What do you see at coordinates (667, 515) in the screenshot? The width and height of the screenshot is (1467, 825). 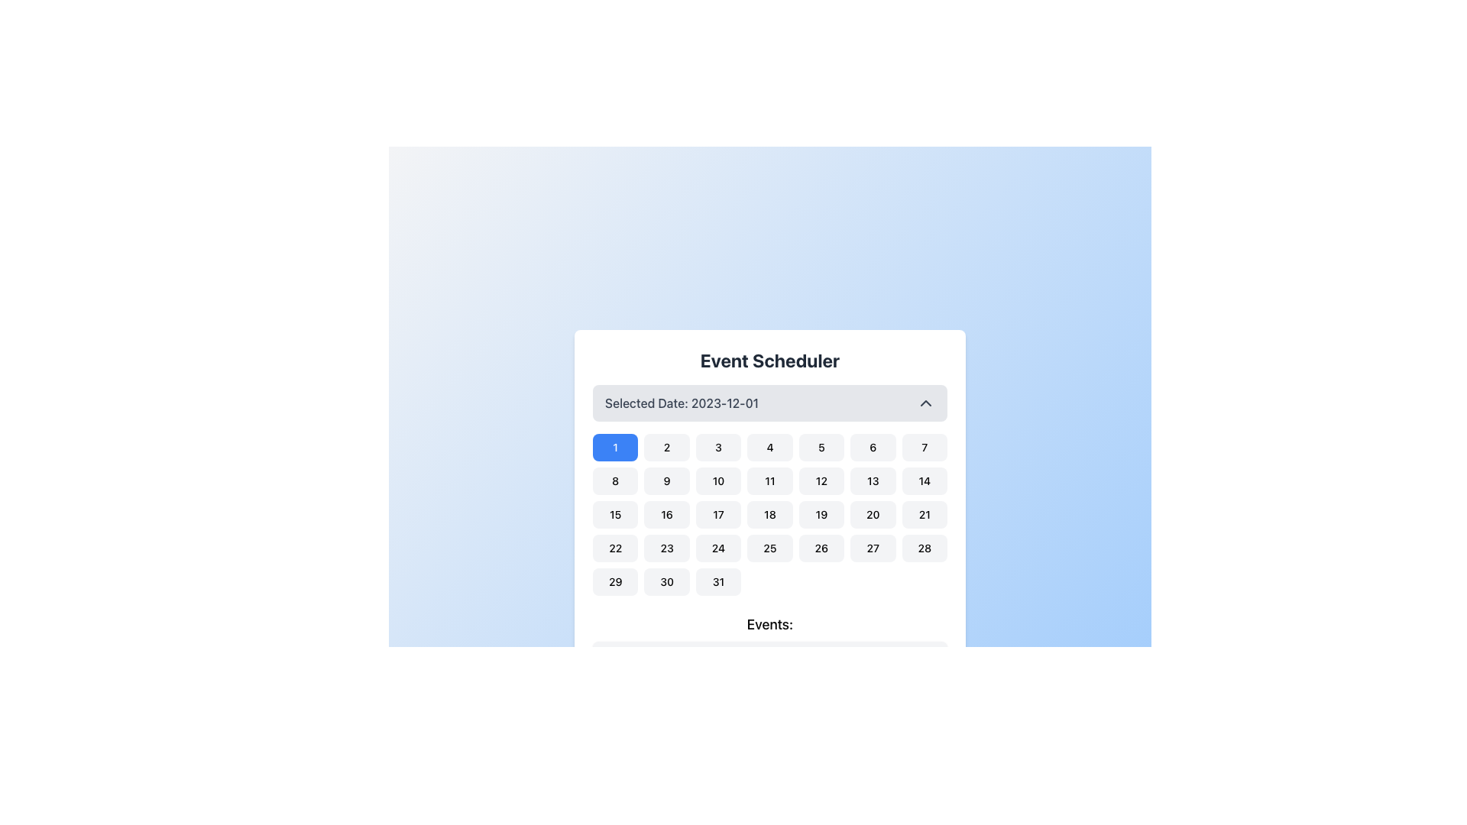 I see `the button displaying the number '16' which is part of a grid layout` at bounding box center [667, 515].